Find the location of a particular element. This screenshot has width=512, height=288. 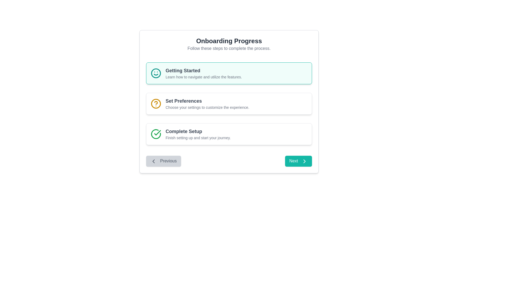

the completion indicator icon located to the left of the 'Complete Setup' list item, signifying successful completion of the onboarding process is located at coordinates (156, 134).